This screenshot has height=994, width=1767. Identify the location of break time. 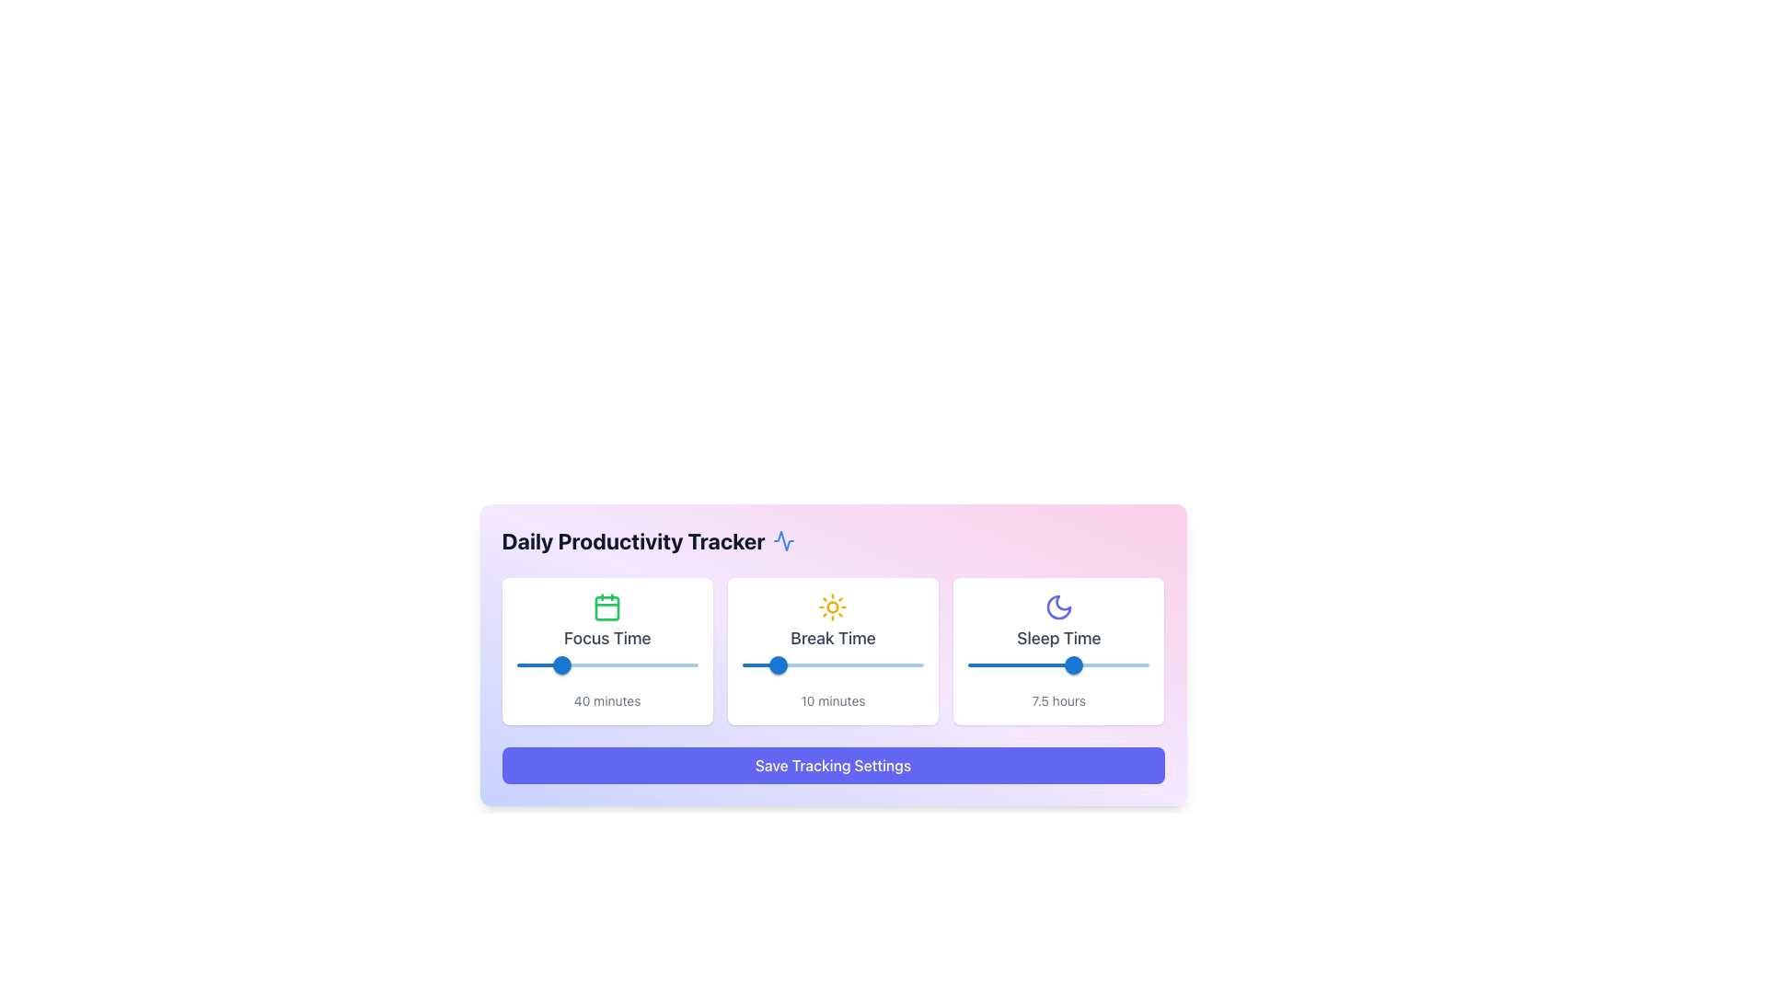
(910, 665).